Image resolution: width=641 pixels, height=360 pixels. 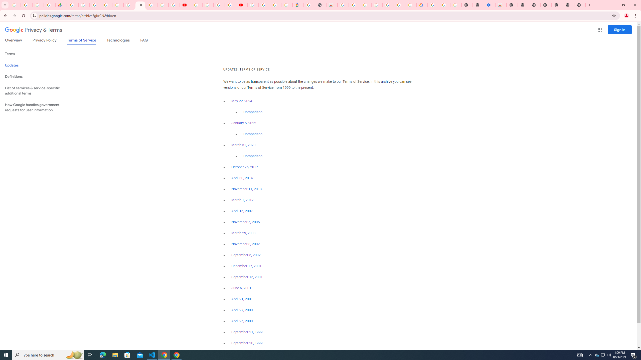 What do you see at coordinates (13, 41) in the screenshot?
I see `'Overview'` at bounding box center [13, 41].